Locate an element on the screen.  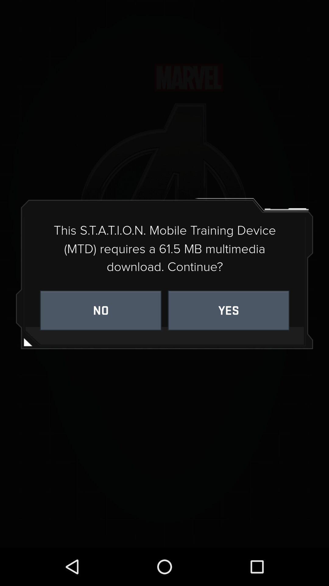
no item is located at coordinates (100, 310).